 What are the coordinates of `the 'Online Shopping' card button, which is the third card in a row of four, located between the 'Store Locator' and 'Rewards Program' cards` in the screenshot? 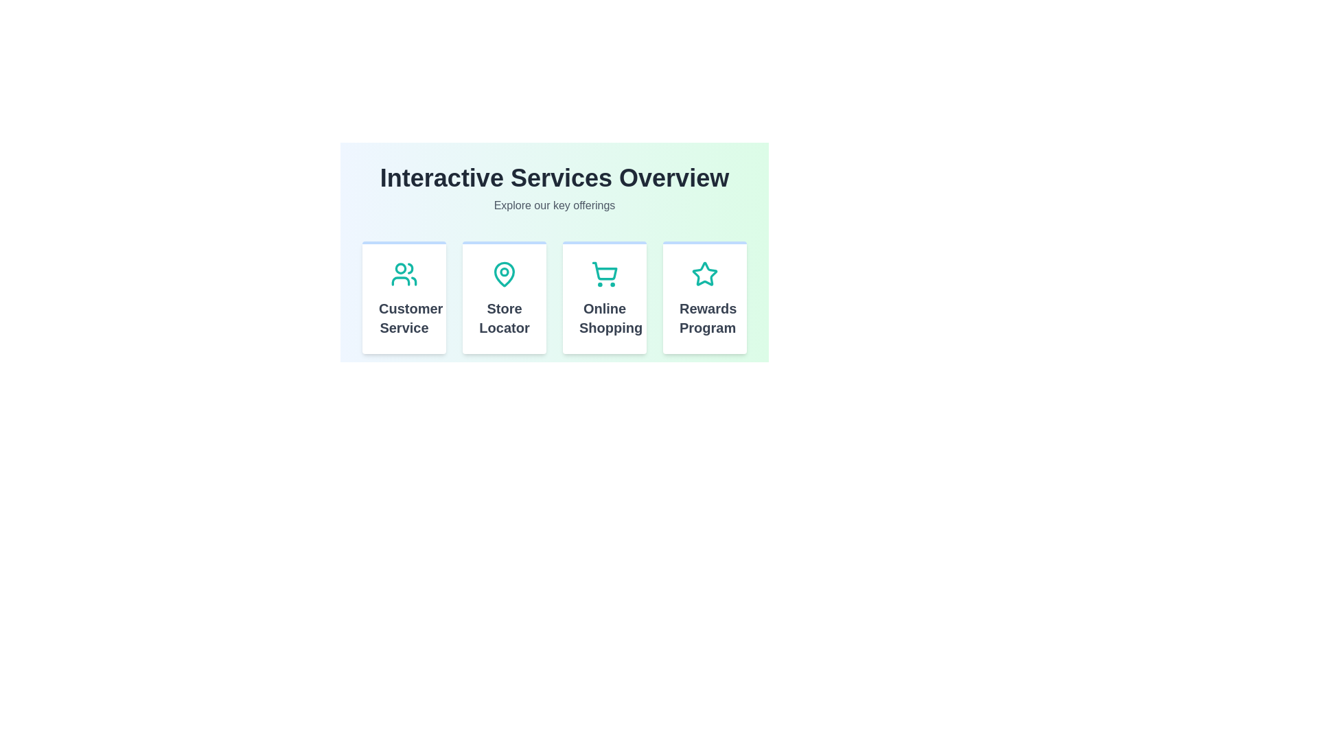 It's located at (604, 297).